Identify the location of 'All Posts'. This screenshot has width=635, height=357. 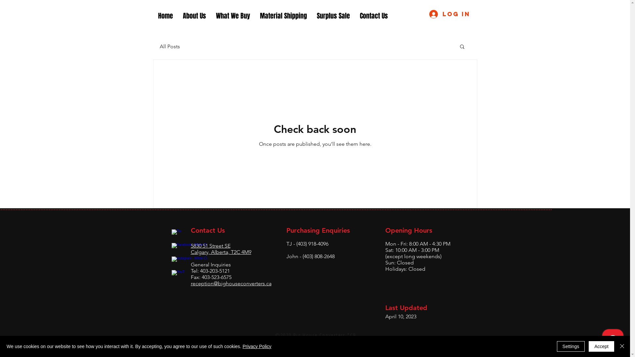
(169, 46).